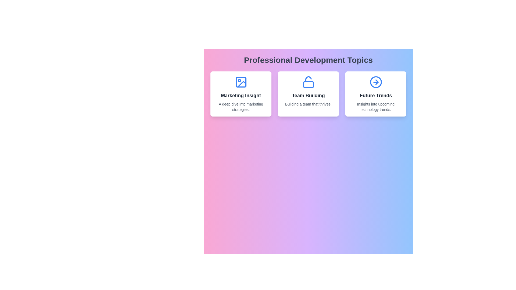 This screenshot has width=516, height=290. Describe the element at coordinates (308, 94) in the screenshot. I see `the card representing Team Building` at that location.